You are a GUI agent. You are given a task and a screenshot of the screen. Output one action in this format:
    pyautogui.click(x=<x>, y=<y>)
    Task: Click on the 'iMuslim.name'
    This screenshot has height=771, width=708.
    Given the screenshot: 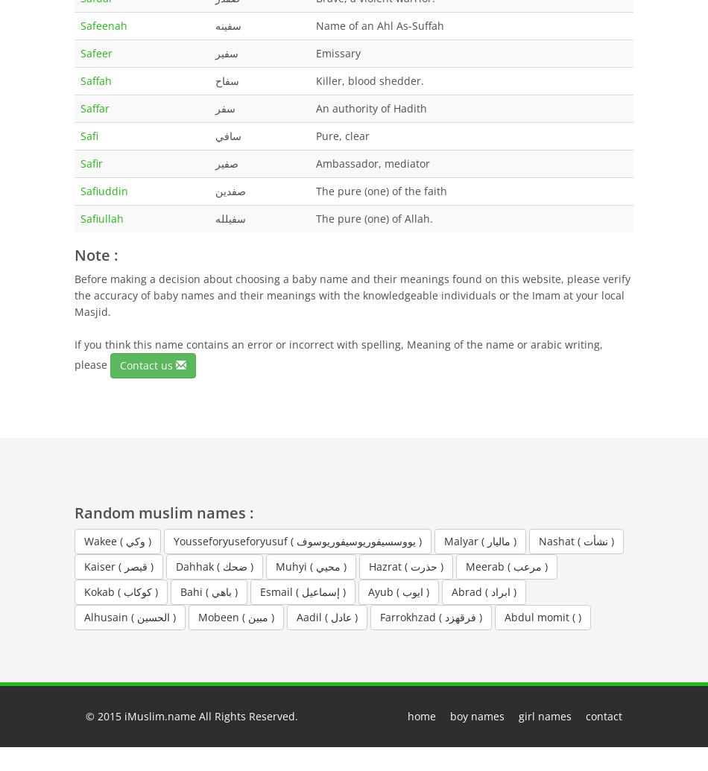 What is the action you would take?
    pyautogui.click(x=159, y=714)
    